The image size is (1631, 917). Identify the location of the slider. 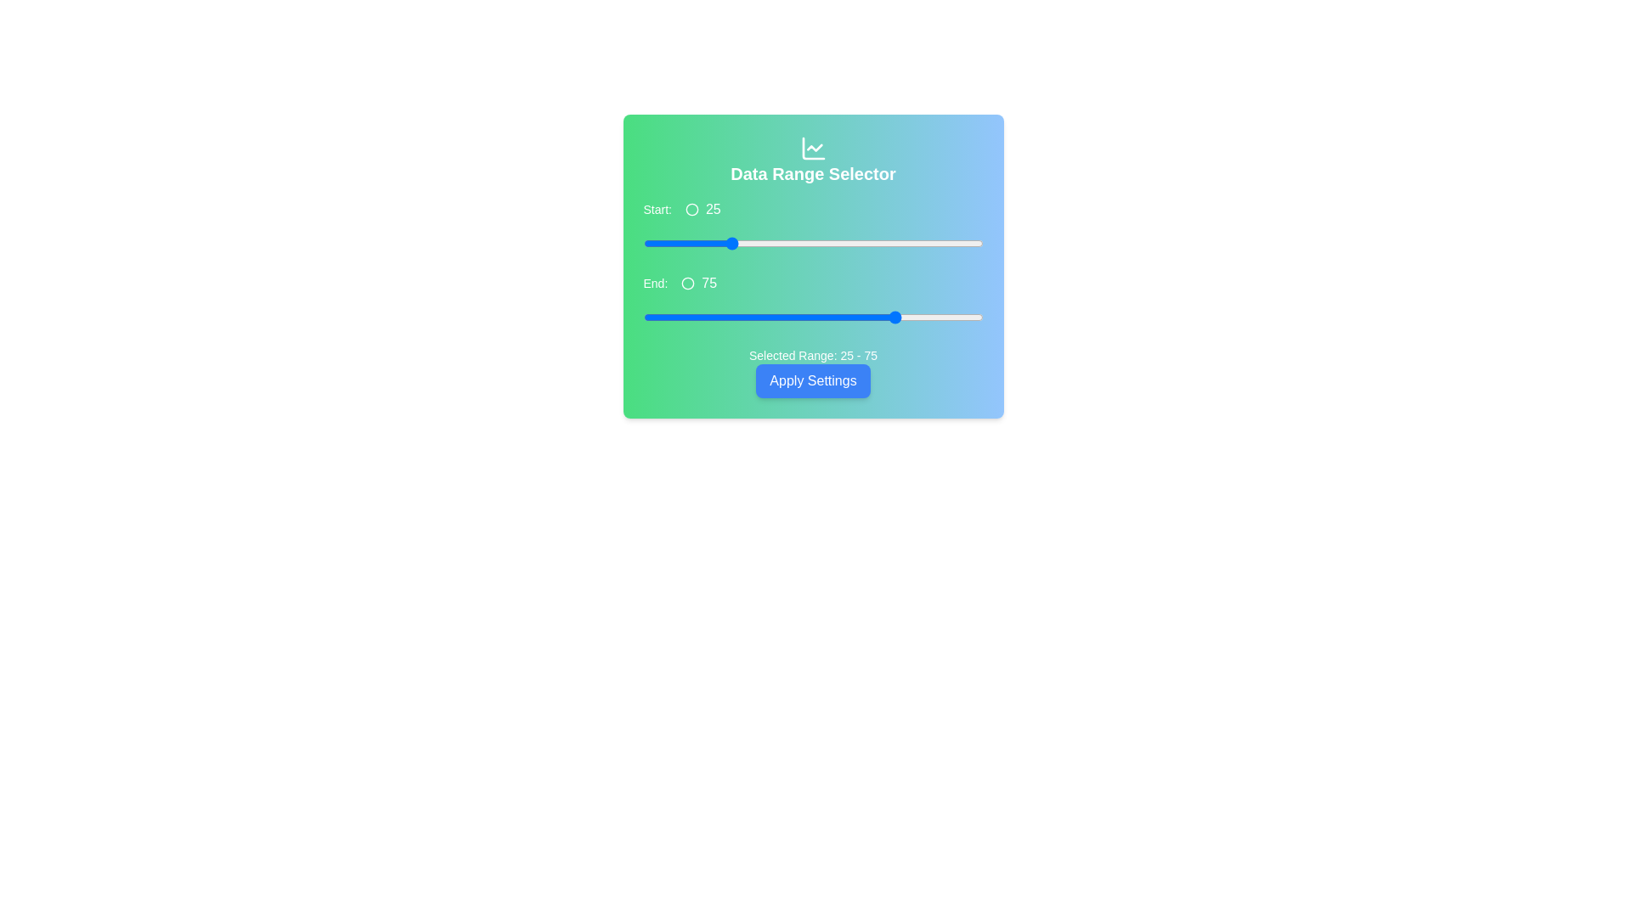
(809, 243).